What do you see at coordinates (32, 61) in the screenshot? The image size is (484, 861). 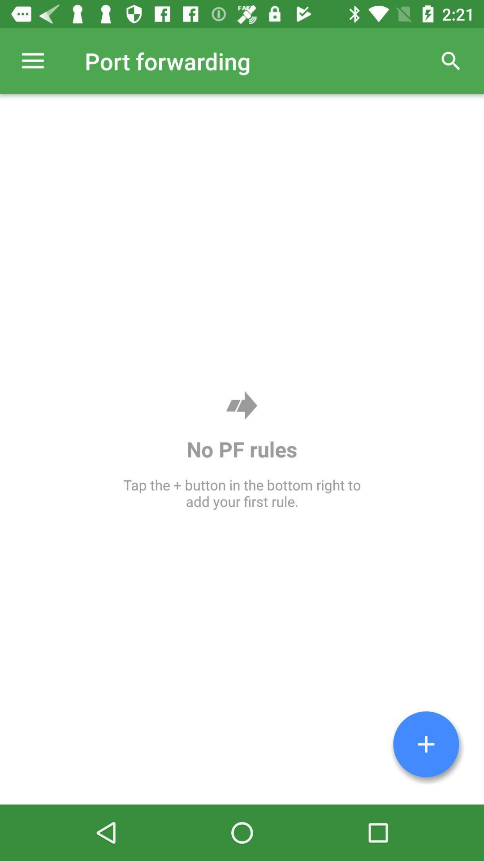 I see `the icon to the left of the port forwarding item` at bounding box center [32, 61].